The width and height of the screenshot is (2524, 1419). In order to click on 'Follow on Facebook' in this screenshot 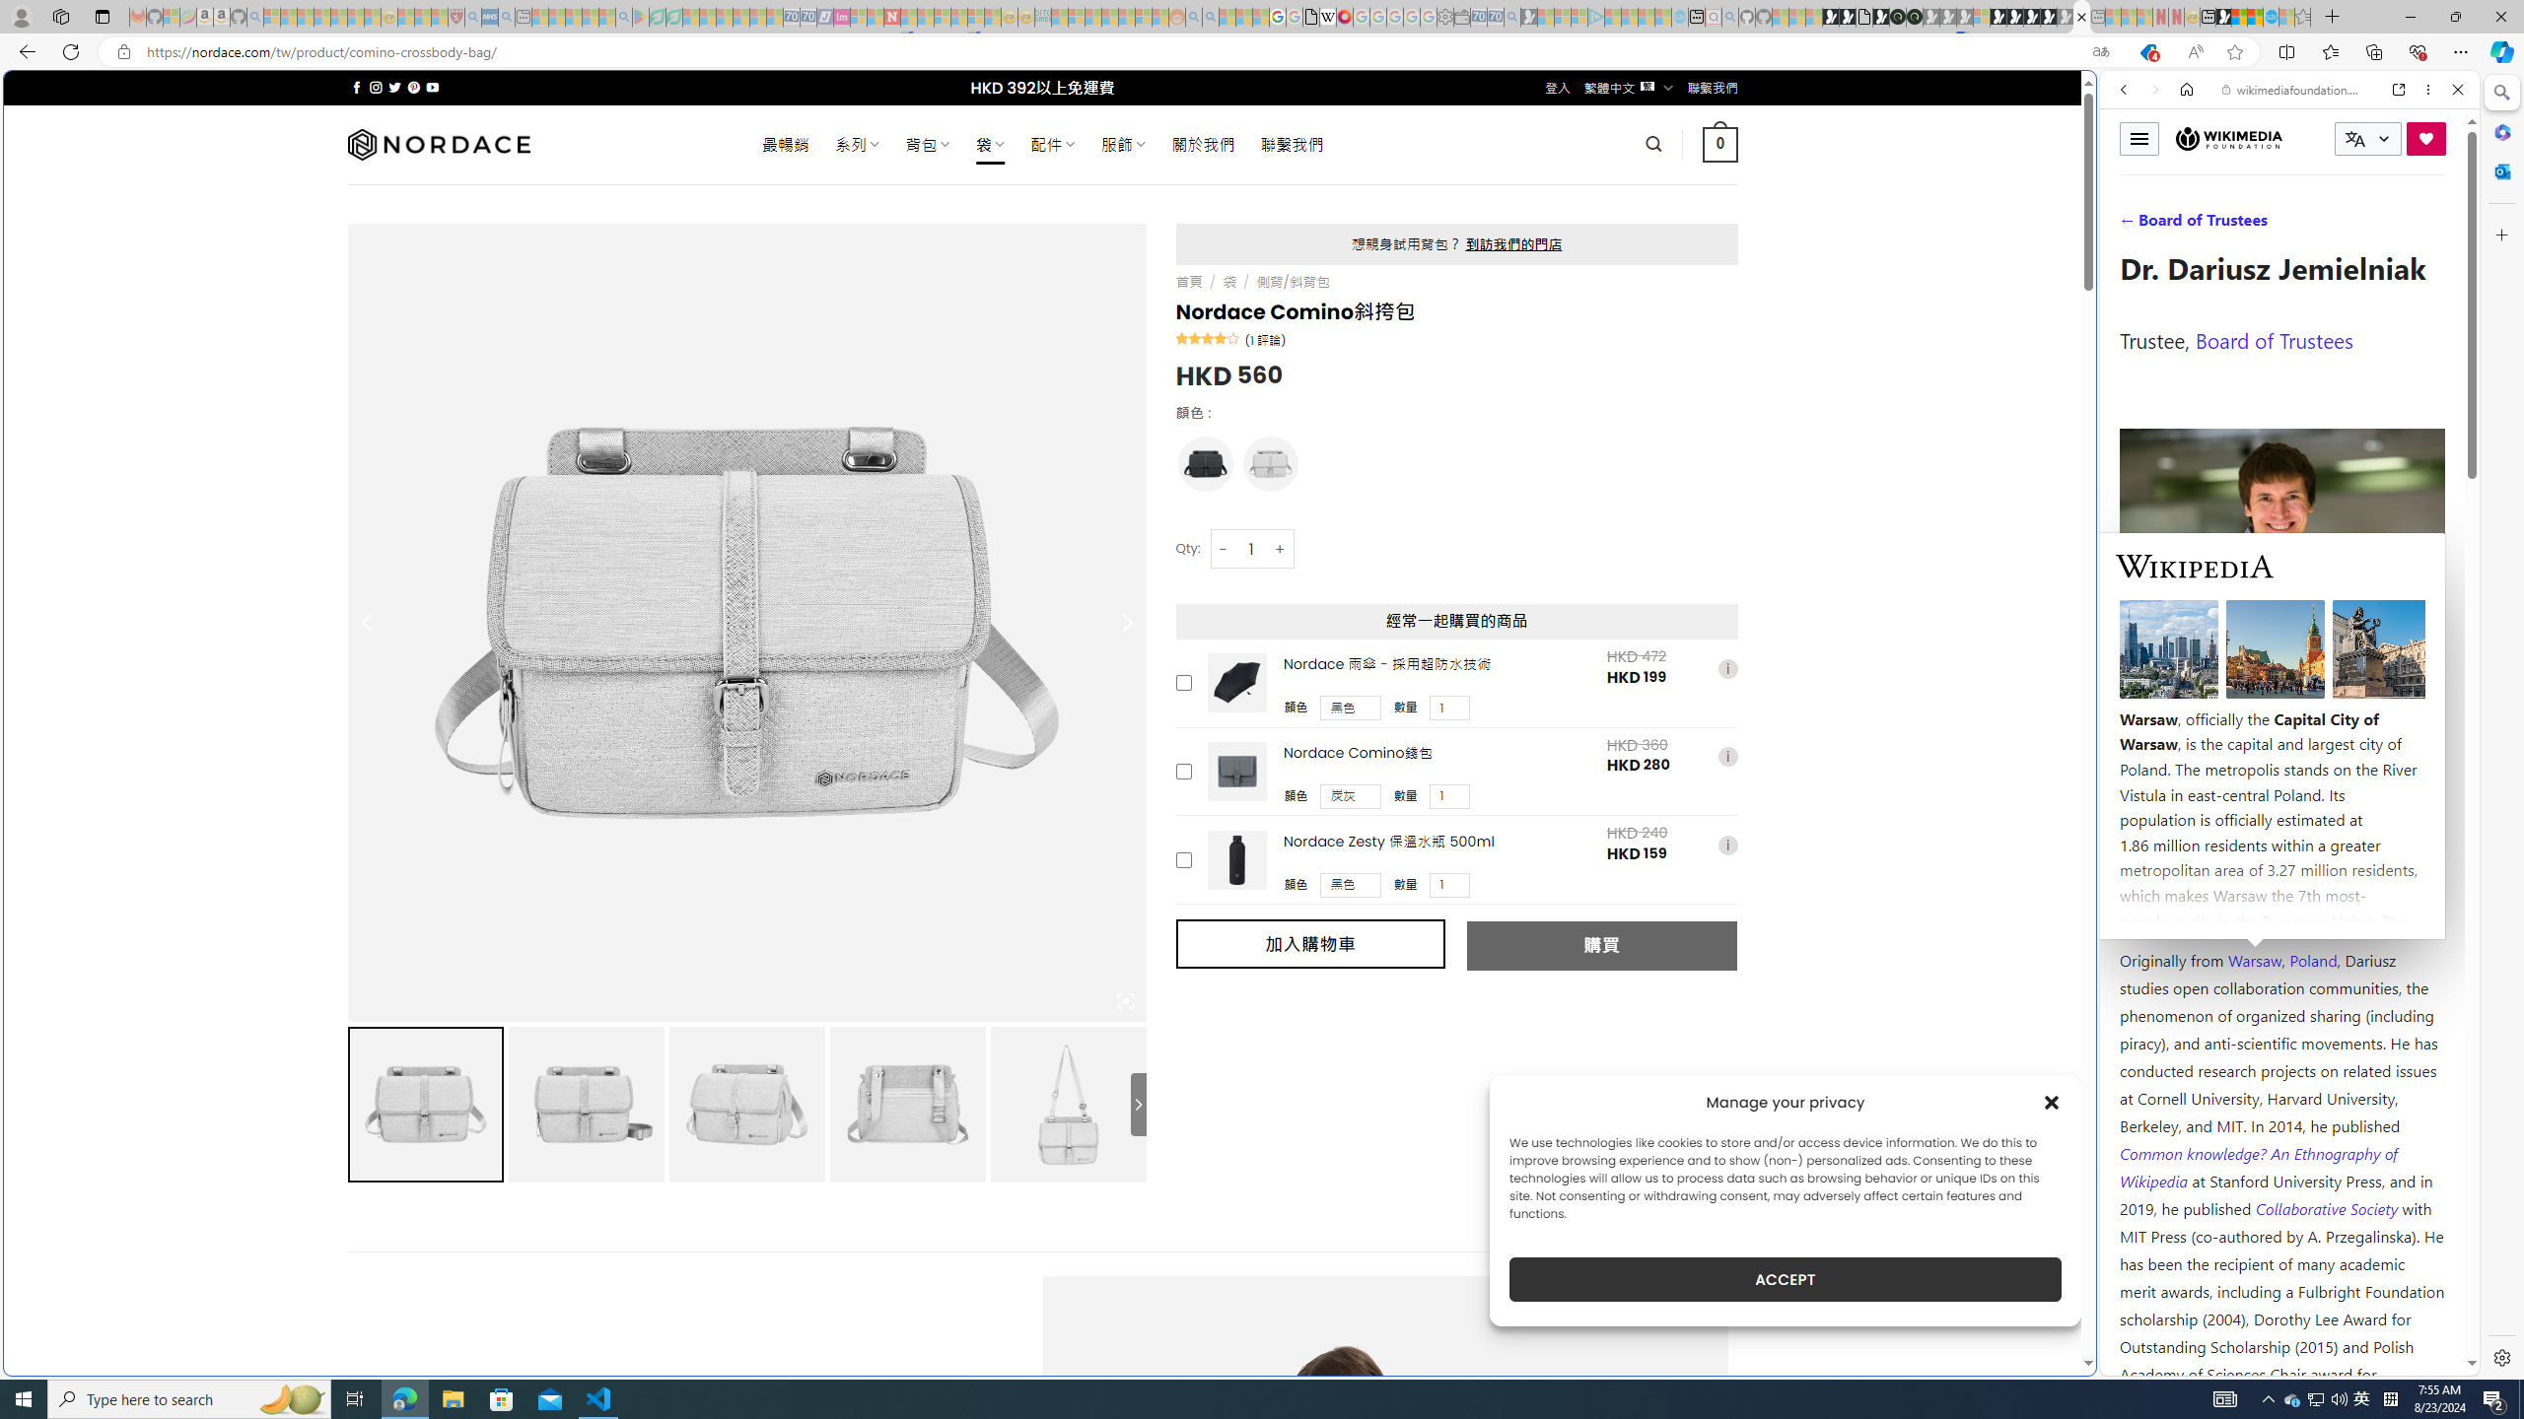, I will do `click(357, 87)`.